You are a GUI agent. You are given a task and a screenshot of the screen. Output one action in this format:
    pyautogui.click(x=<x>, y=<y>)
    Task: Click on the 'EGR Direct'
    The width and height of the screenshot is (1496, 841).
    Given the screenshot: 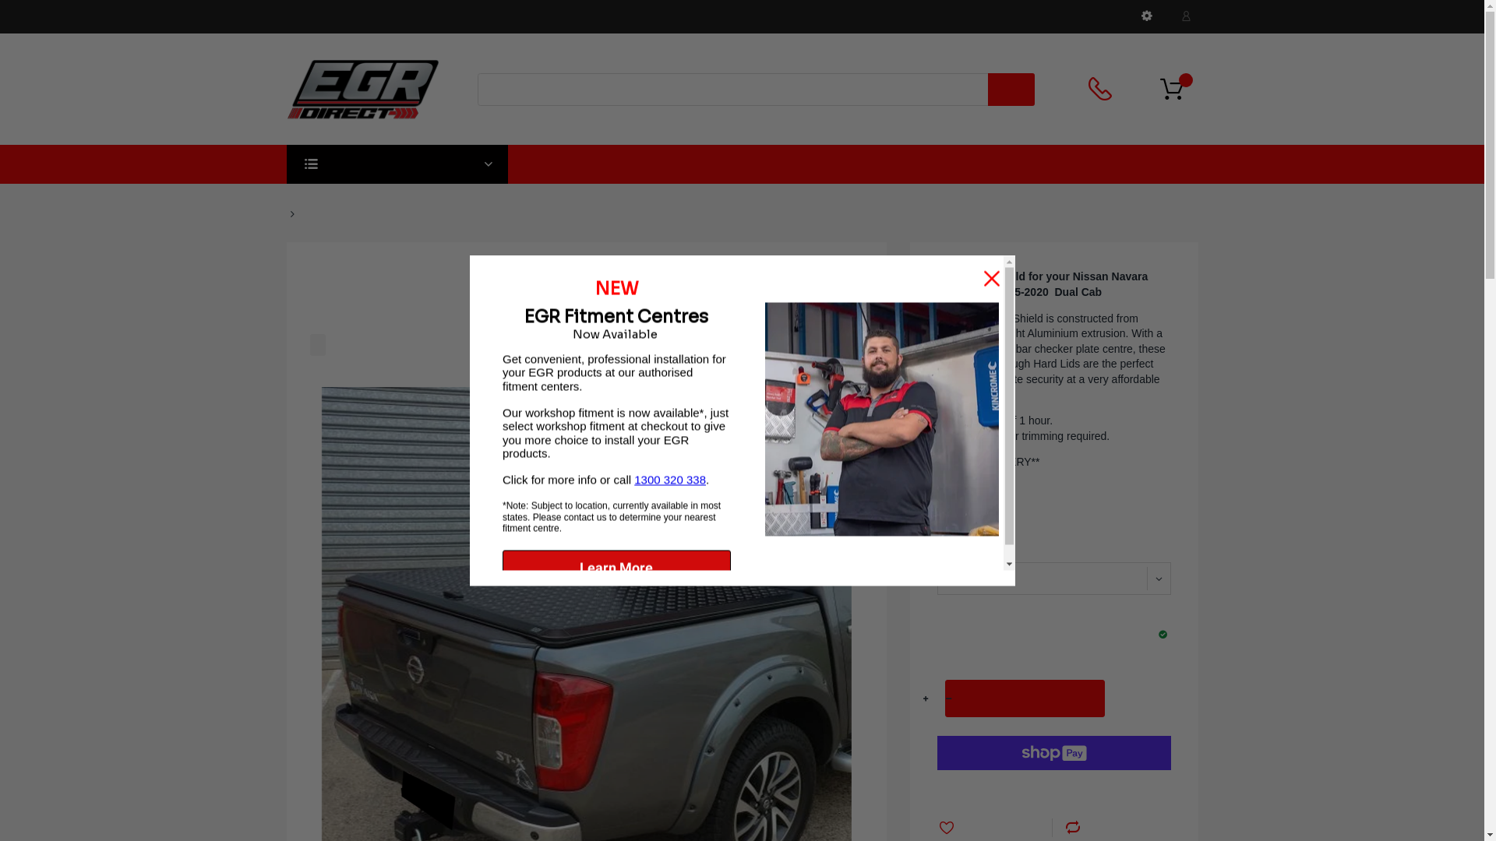 What is the action you would take?
    pyautogui.click(x=362, y=88)
    